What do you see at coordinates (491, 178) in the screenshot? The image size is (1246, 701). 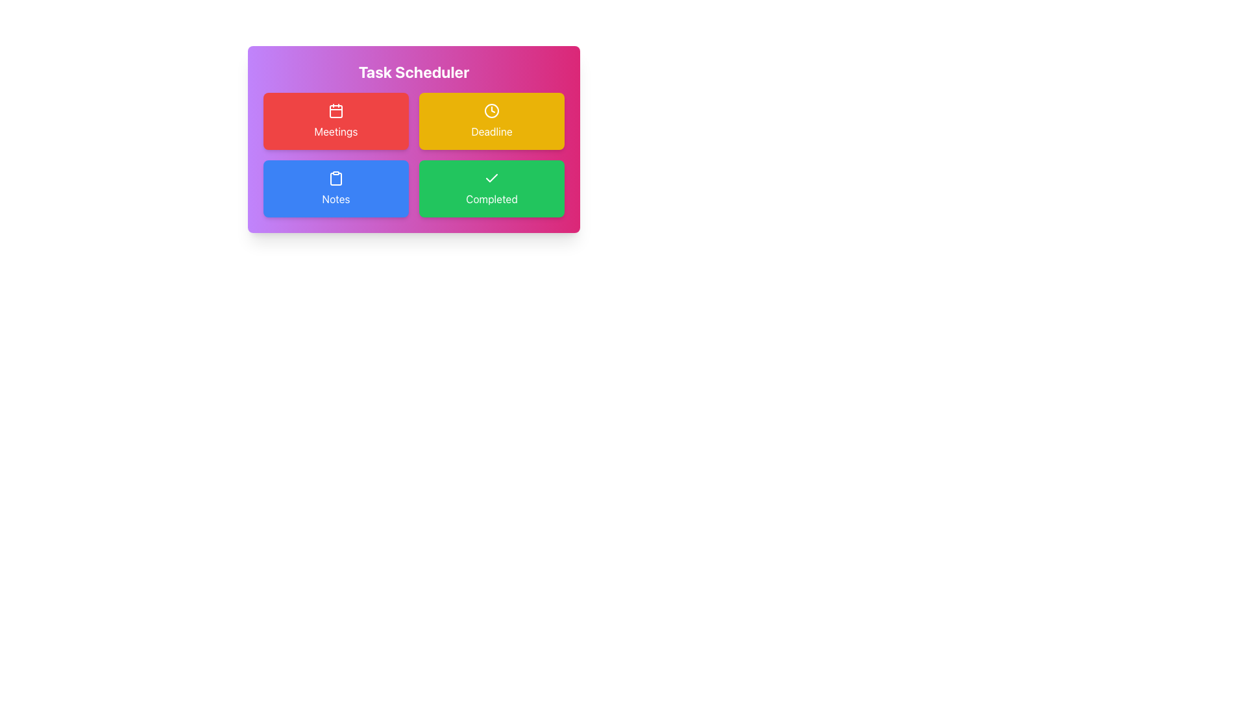 I see `checkmark icon located within the 'Completed' section of the 'Task Scheduler' interface, which is centered inside the green button labeled 'Completed'` at bounding box center [491, 178].